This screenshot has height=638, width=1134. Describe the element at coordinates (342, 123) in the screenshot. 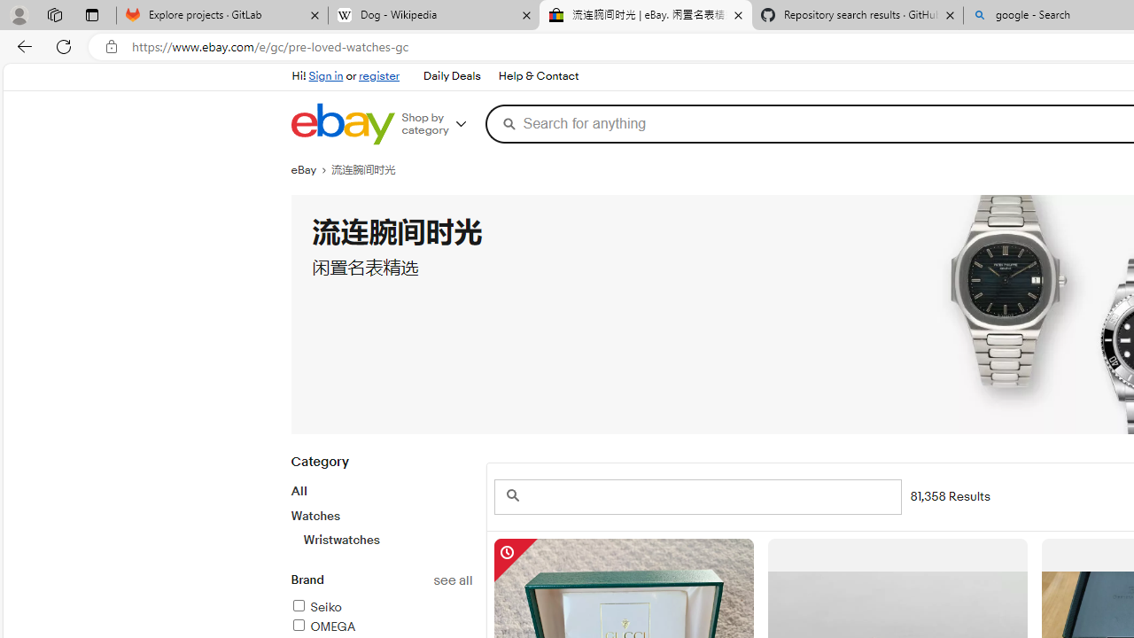

I see `'eBay Home'` at that location.